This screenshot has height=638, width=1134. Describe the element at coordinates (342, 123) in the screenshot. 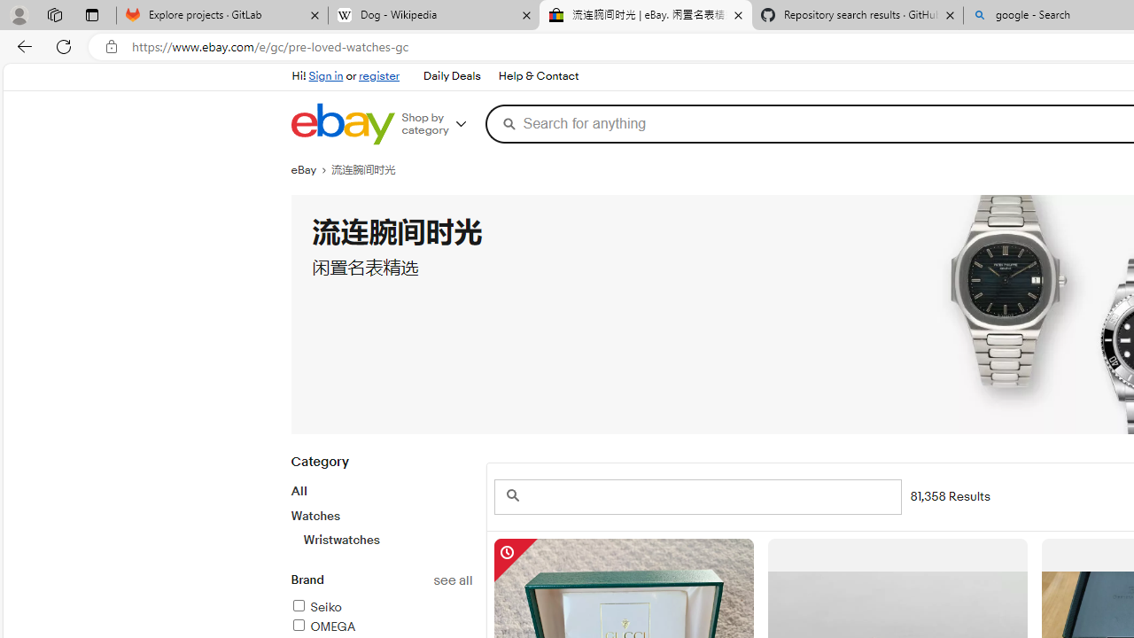

I see `'eBay Home'` at that location.